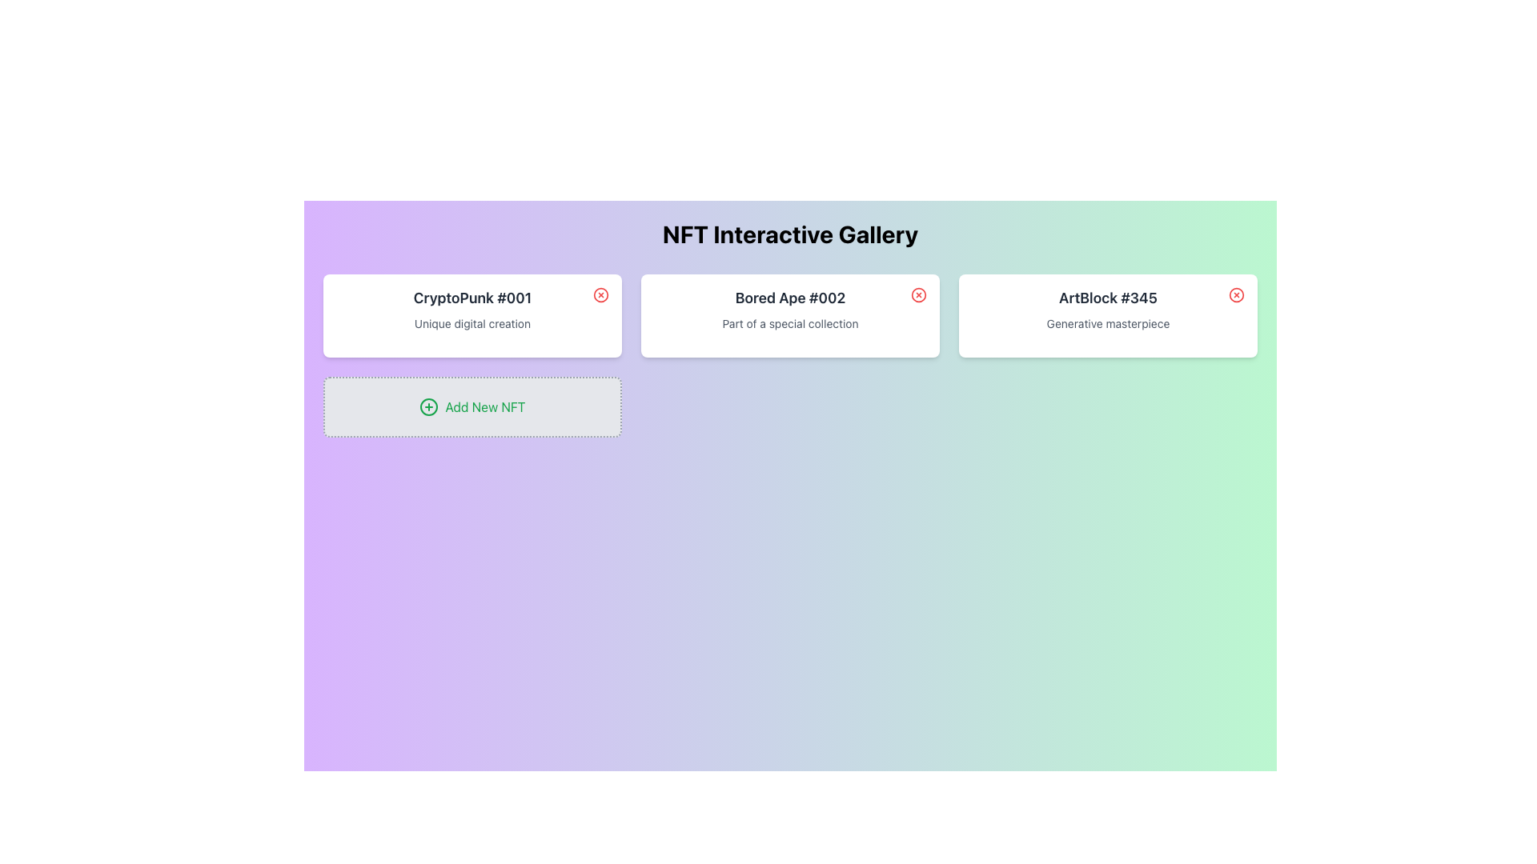 This screenshot has height=864, width=1537. What do you see at coordinates (600, 295) in the screenshot?
I see `the distinctive red circular button with a cross in the middle located in the upper-right corner of the card labeled 'CryptoPunk #001 Unique digital creation'` at bounding box center [600, 295].